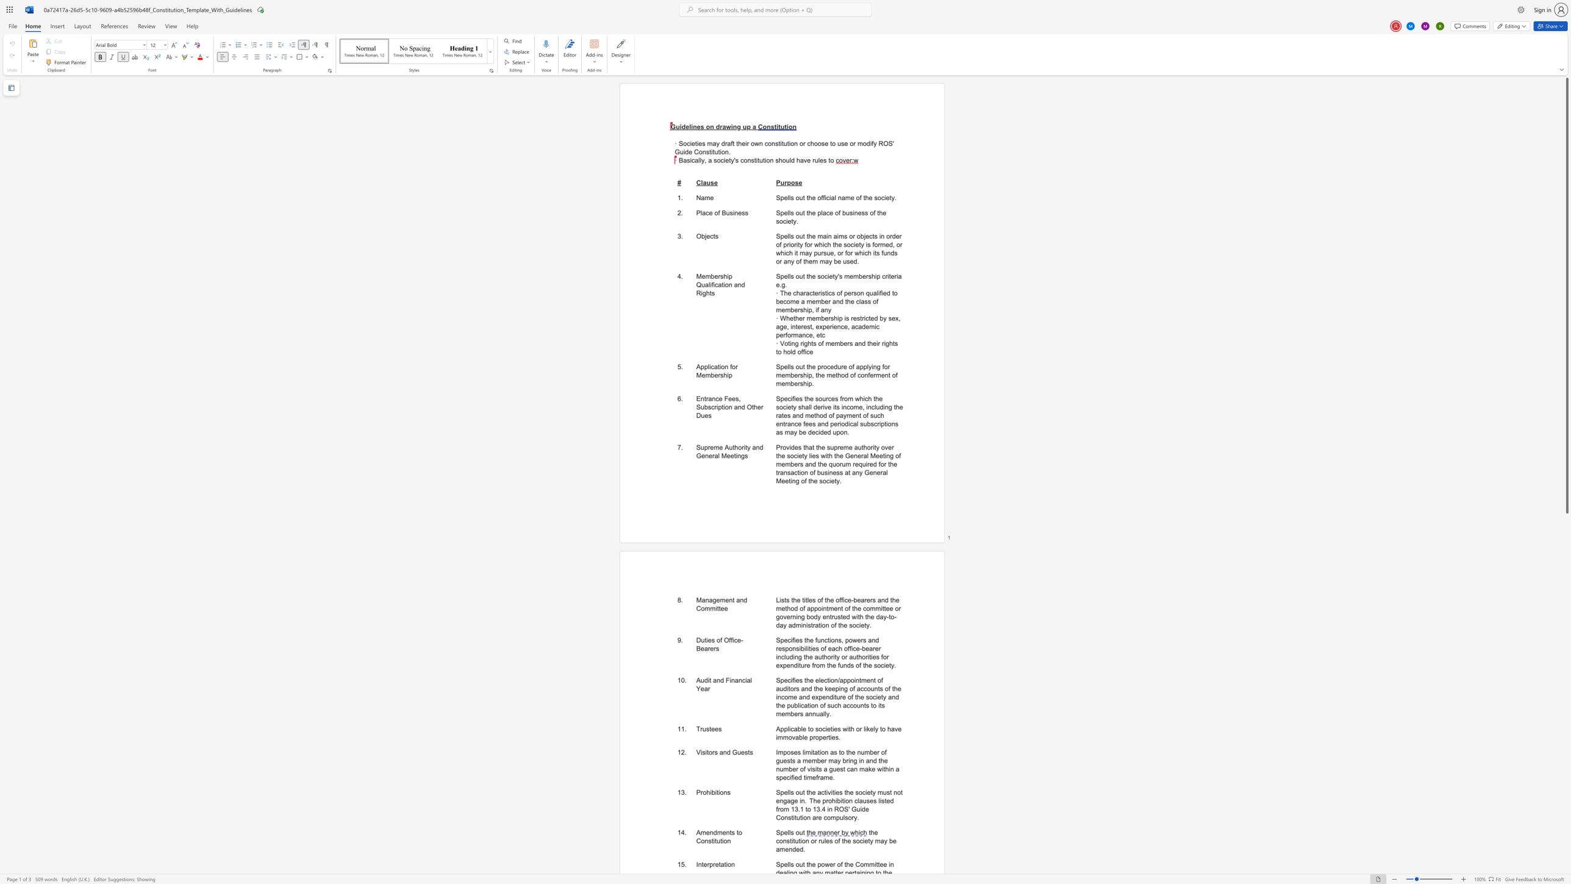 The image size is (1571, 884). Describe the element at coordinates (788, 343) in the screenshot. I see `the subset text "ting rights of members and their rights to" within the text "· Voting rights of members and their rights to hold office"` at that location.